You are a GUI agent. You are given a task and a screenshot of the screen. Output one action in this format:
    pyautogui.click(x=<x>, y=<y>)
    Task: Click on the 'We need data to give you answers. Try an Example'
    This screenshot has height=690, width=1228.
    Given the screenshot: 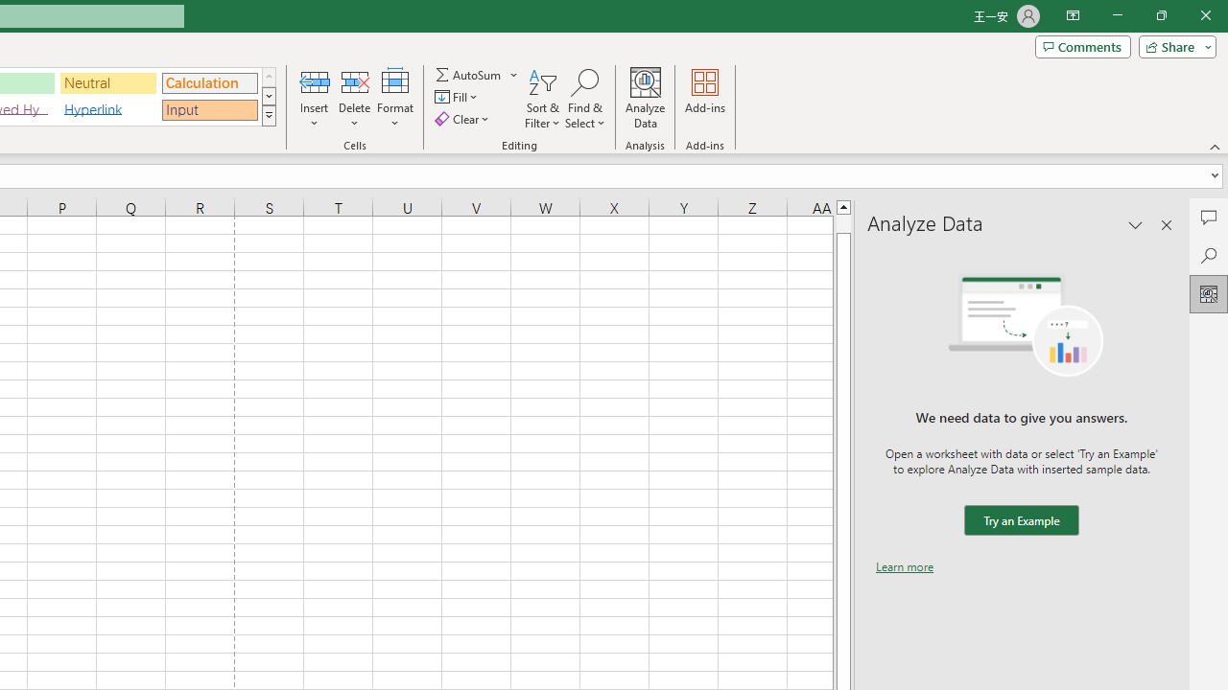 What is the action you would take?
    pyautogui.click(x=1020, y=520)
    